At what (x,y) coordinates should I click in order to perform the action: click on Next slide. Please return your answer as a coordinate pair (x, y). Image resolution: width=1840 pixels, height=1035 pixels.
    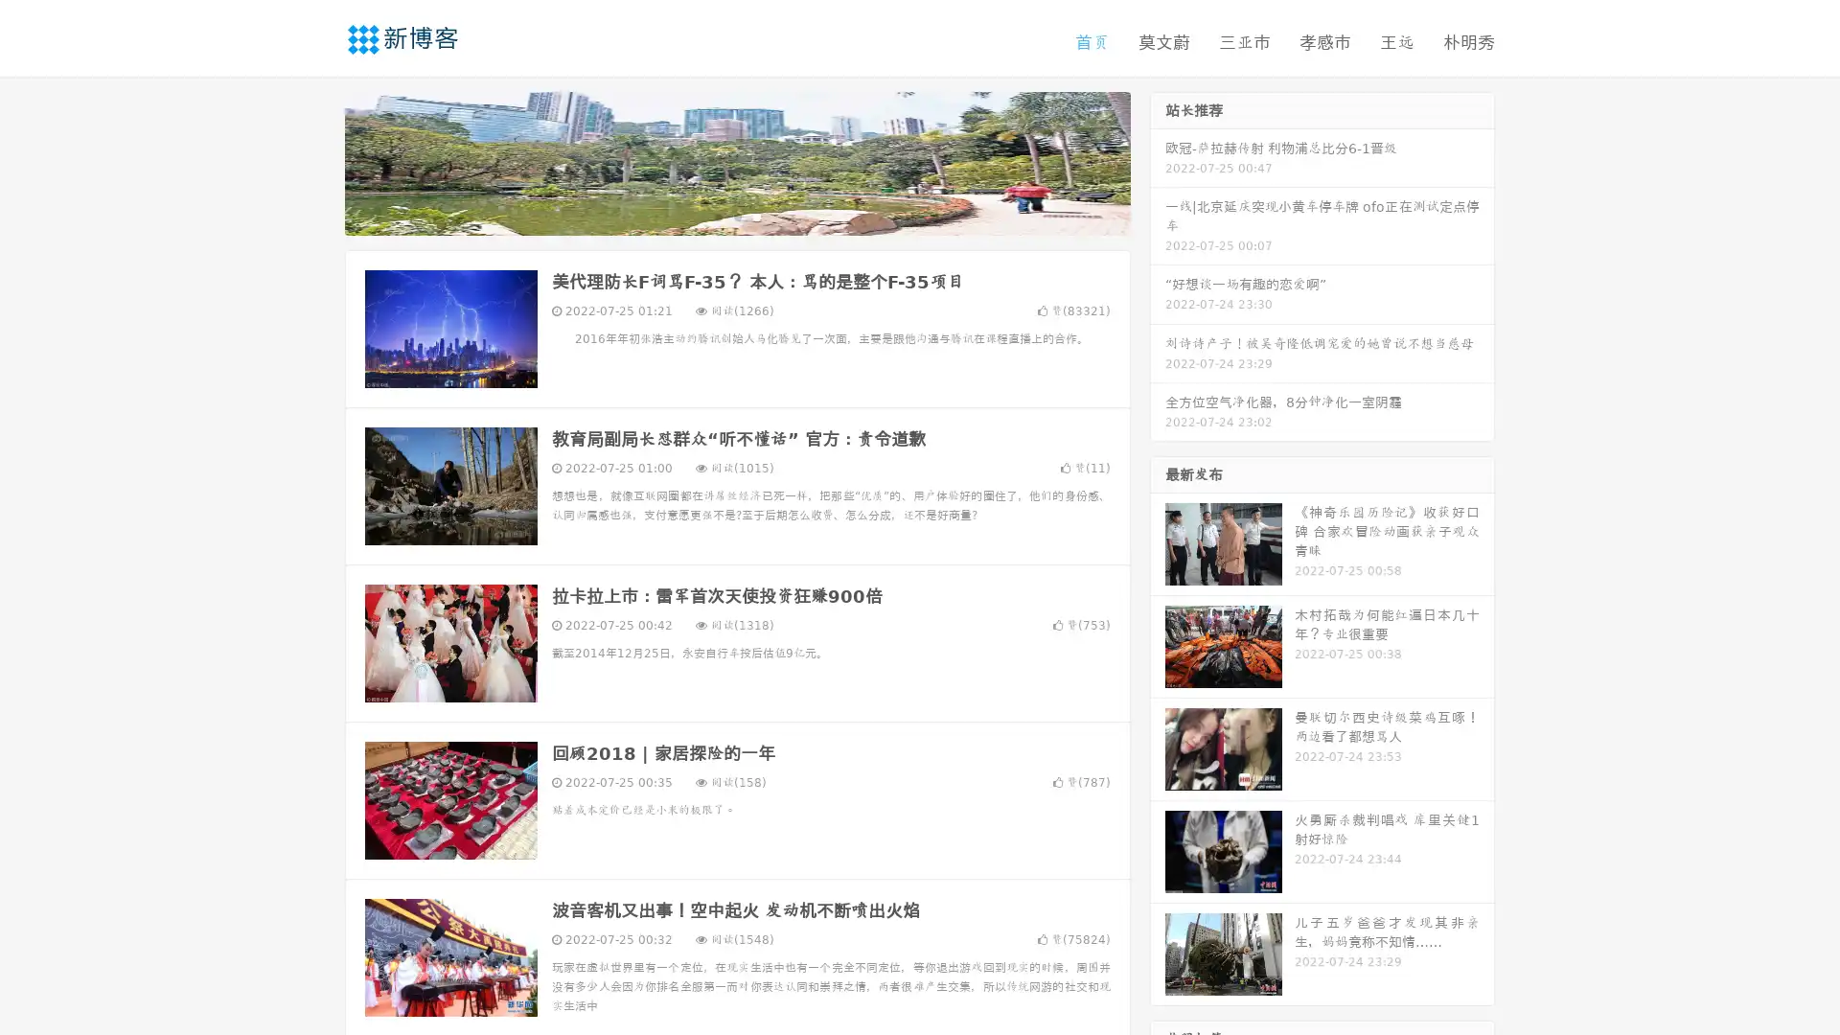
    Looking at the image, I should click on (1158, 161).